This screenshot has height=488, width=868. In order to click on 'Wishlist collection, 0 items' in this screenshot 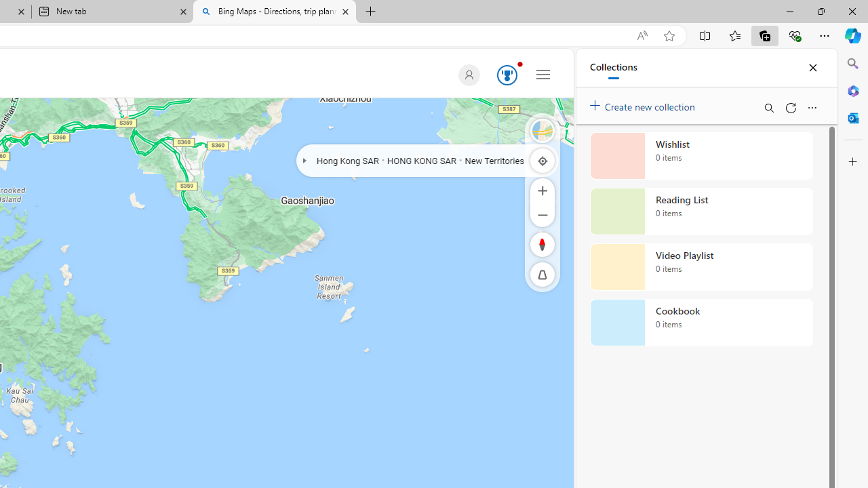, I will do `click(701, 155)`.